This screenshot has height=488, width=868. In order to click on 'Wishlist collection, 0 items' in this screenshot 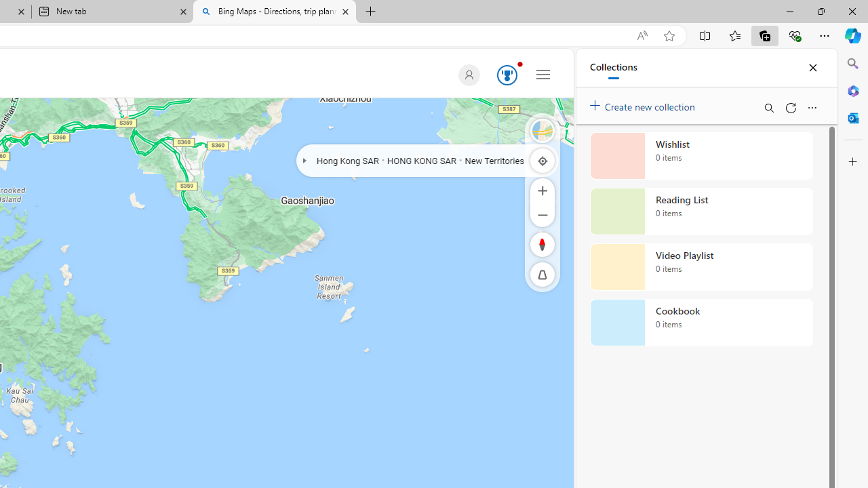, I will do `click(701, 155)`.